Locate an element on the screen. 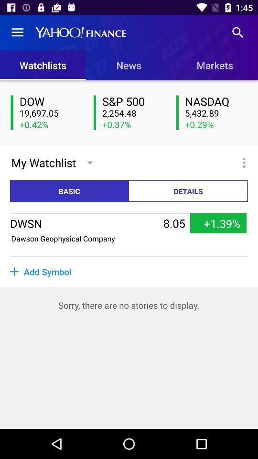 The image size is (258, 459). basic item is located at coordinates (69, 190).